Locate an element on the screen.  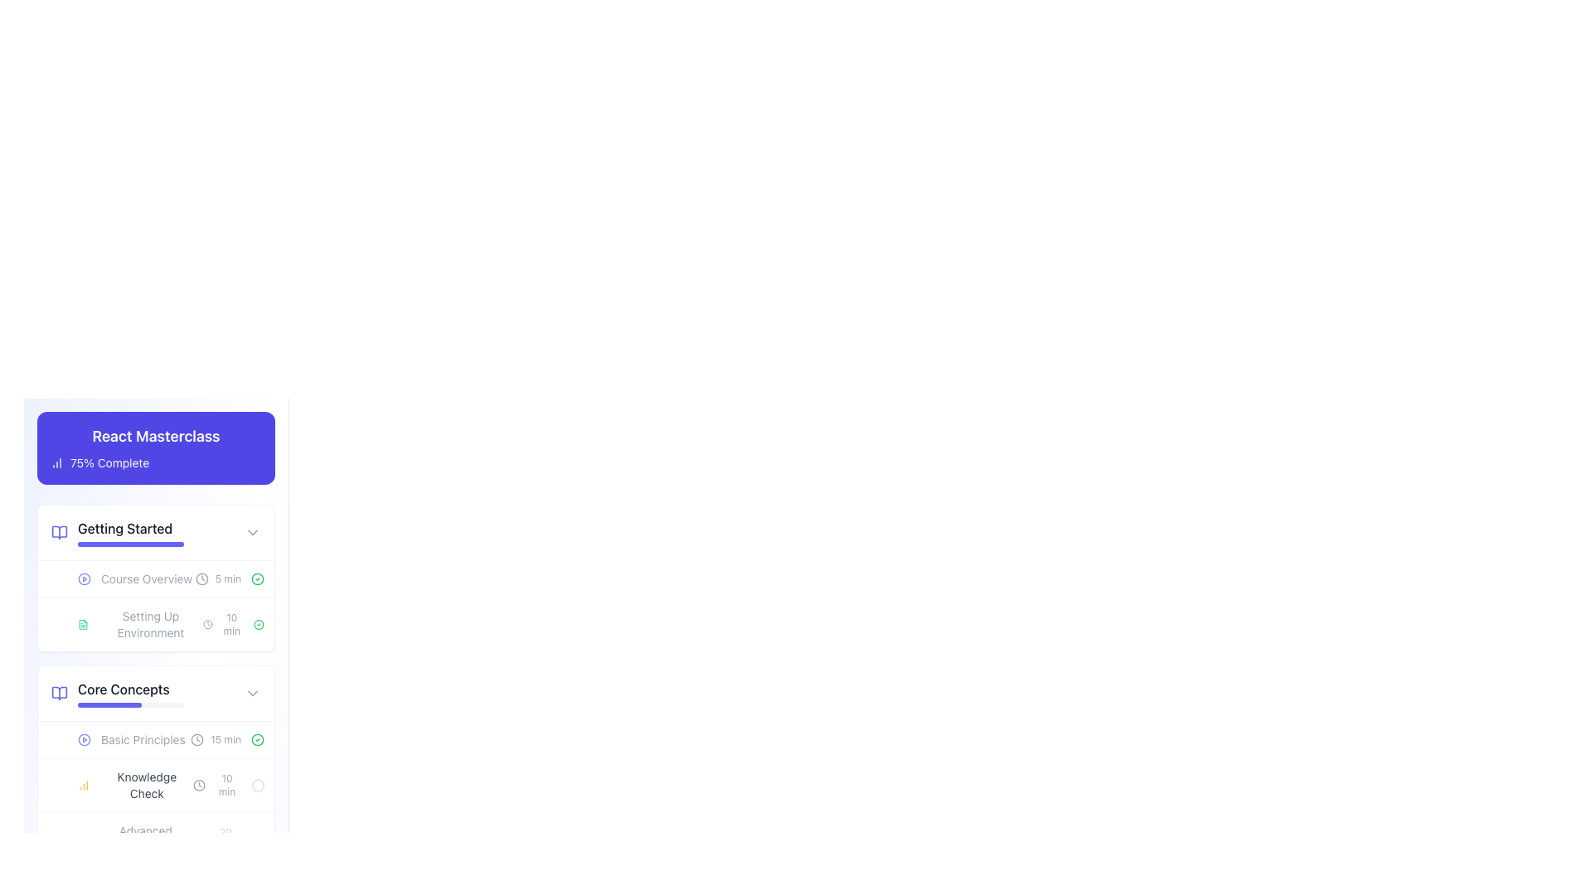
text label '5 min' located in the 'Getting Started' section of the 'React Masterclass' interface, positioned to the right of the 'Course Overview' text, between a clock icon and a check icon is located at coordinates (229, 578).